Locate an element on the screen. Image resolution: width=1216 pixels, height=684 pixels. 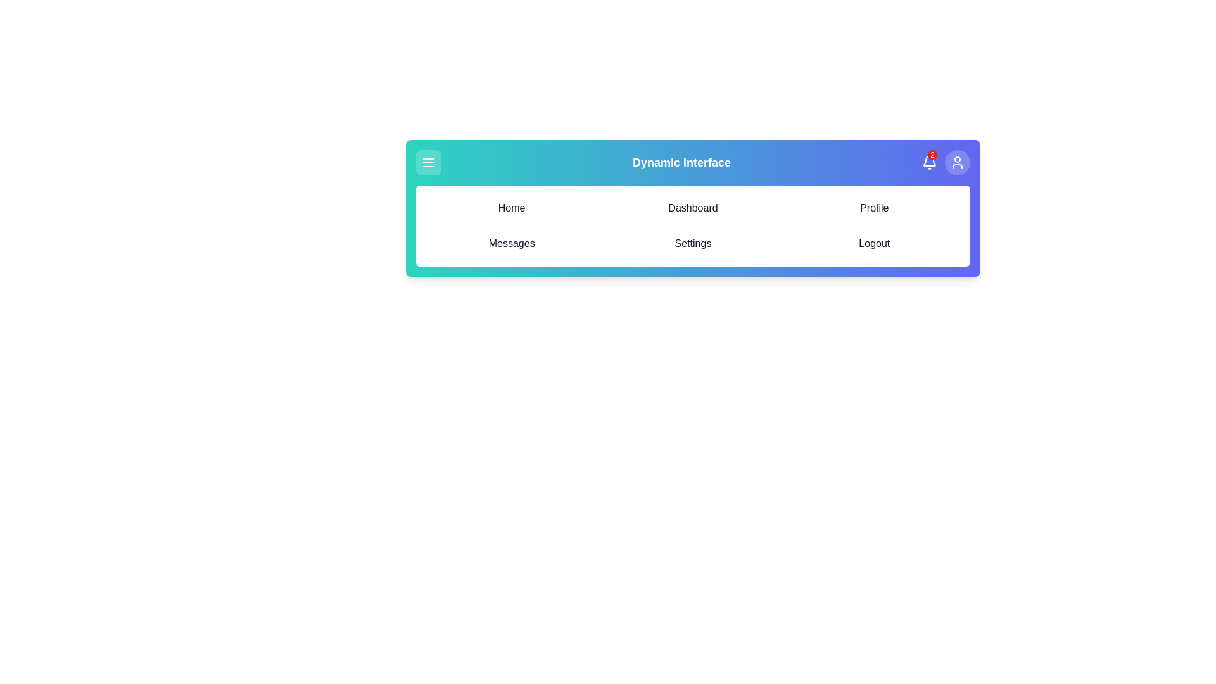
the navigation item Dashboard from the menu is located at coordinates (692, 207).